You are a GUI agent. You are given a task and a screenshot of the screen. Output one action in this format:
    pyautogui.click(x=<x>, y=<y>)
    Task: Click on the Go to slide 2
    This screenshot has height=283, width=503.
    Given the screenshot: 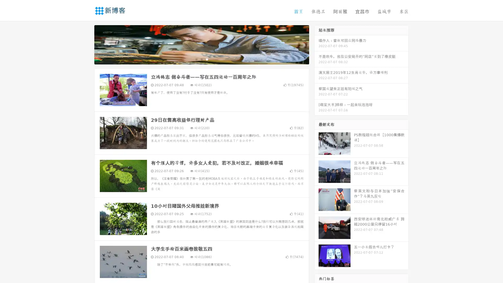 What is the action you would take?
    pyautogui.click(x=201, y=59)
    